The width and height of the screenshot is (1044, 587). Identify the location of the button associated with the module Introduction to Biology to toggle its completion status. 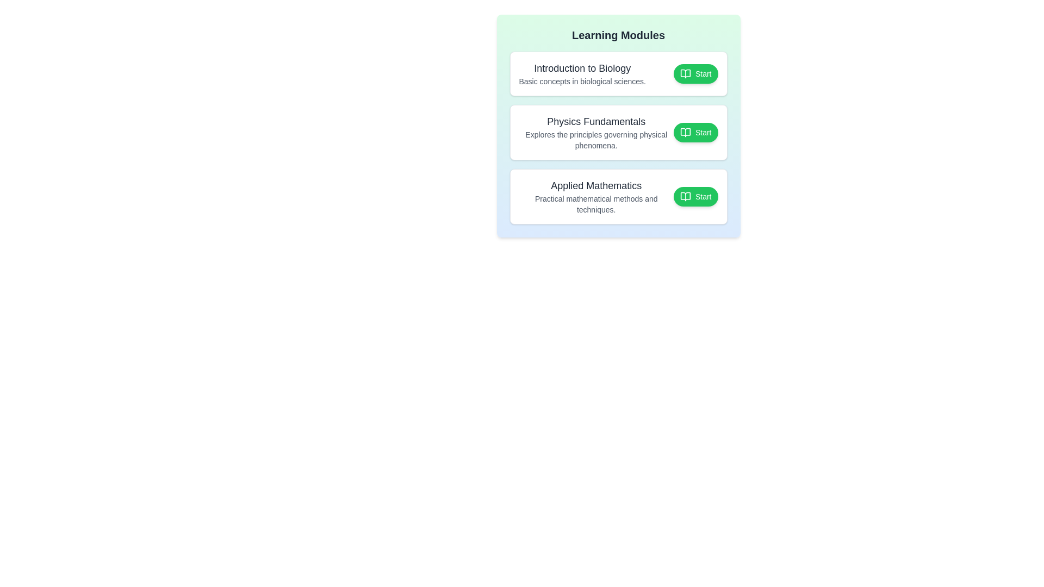
(695, 73).